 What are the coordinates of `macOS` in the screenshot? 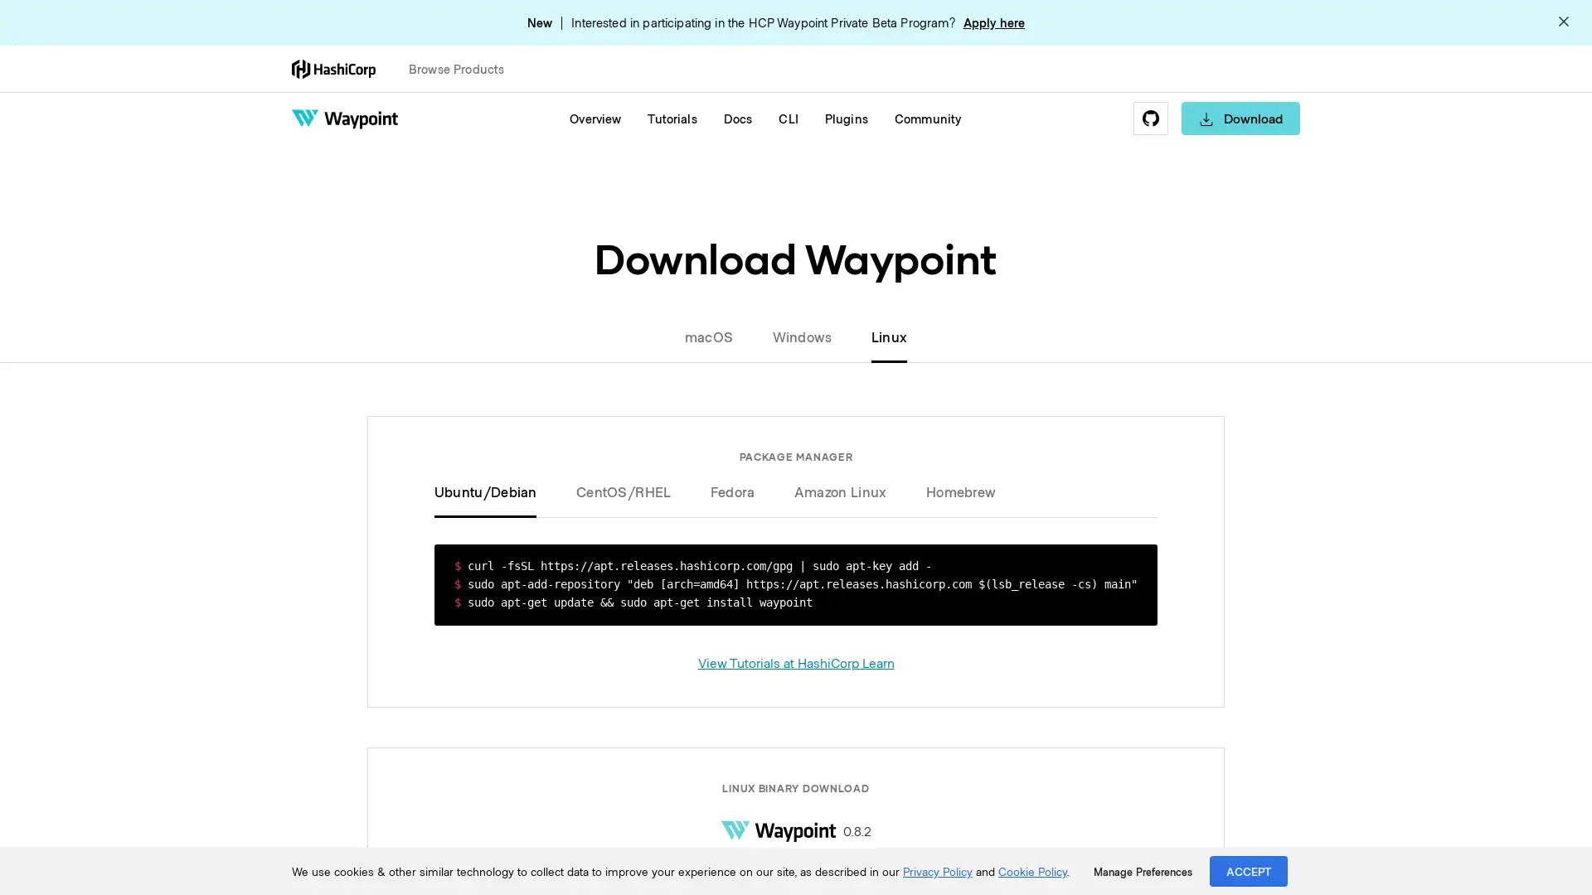 It's located at (718, 336).